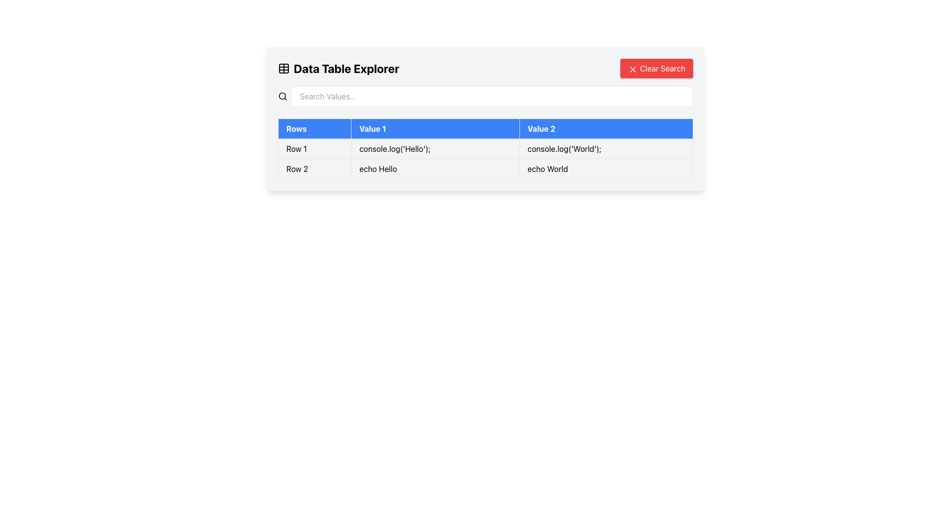 Image resolution: width=940 pixels, height=529 pixels. Describe the element at coordinates (633, 69) in the screenshot. I see `the Close icon (X) within the 'Clear Search' button located in the top-right corner of the interface` at that location.